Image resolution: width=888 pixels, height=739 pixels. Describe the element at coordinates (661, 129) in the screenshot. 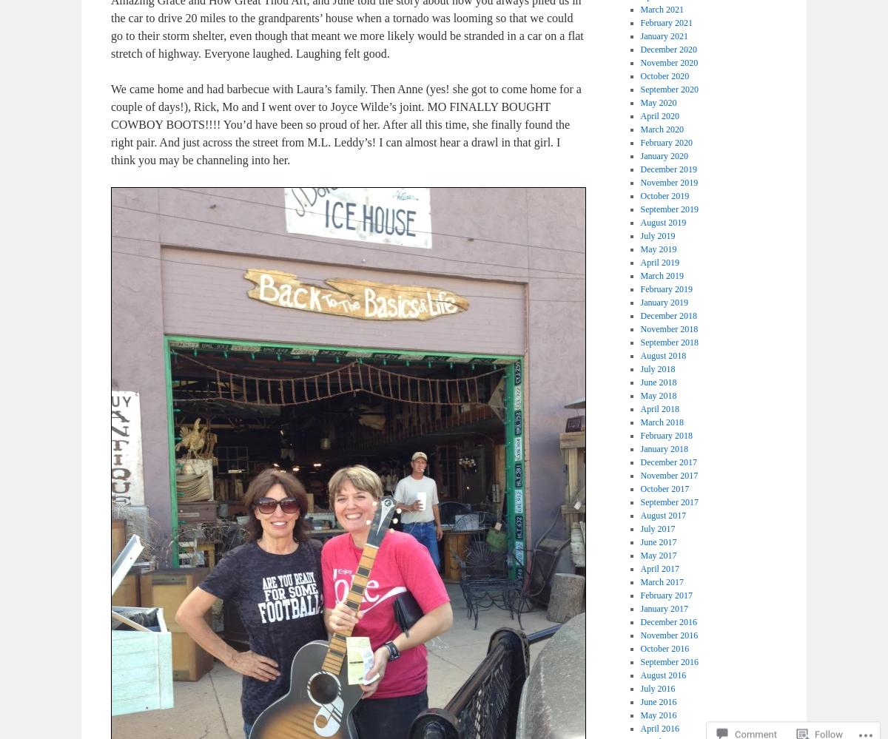

I see `'March 2020'` at that location.